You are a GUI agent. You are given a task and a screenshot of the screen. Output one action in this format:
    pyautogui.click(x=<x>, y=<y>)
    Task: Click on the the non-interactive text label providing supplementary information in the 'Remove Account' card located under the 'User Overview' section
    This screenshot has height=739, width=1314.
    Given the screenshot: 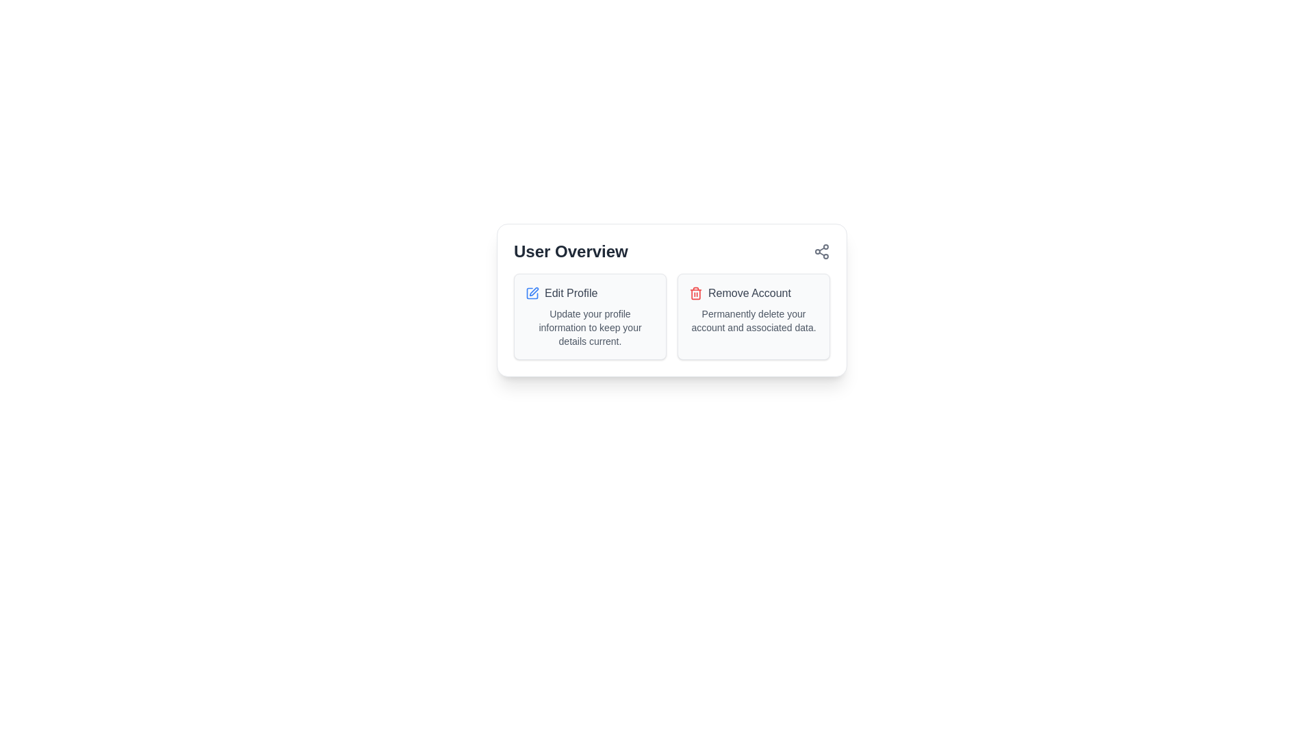 What is the action you would take?
    pyautogui.click(x=753, y=321)
    